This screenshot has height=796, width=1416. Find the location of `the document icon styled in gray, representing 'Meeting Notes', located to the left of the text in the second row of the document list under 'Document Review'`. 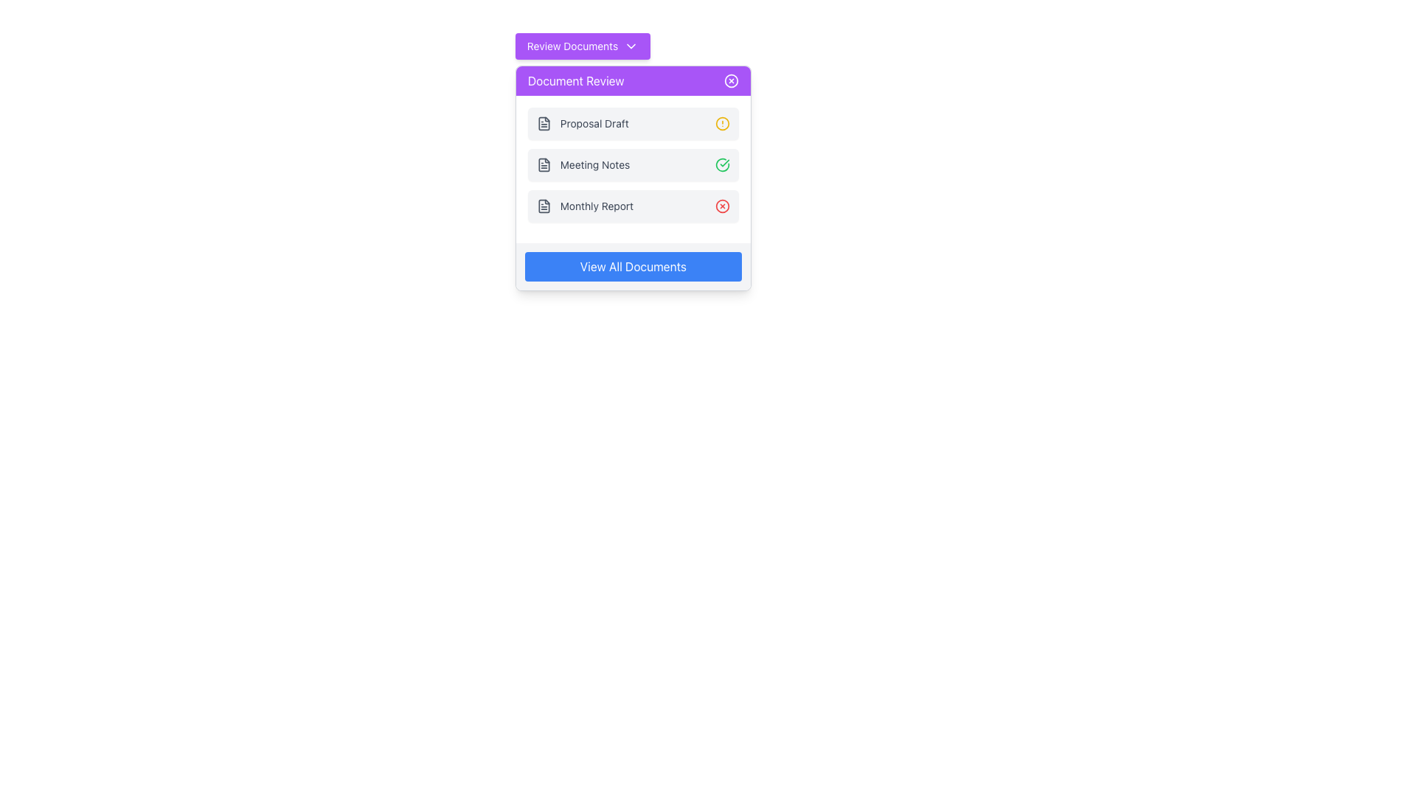

the document icon styled in gray, representing 'Meeting Notes', located to the left of the text in the second row of the document list under 'Document Review' is located at coordinates (543, 164).